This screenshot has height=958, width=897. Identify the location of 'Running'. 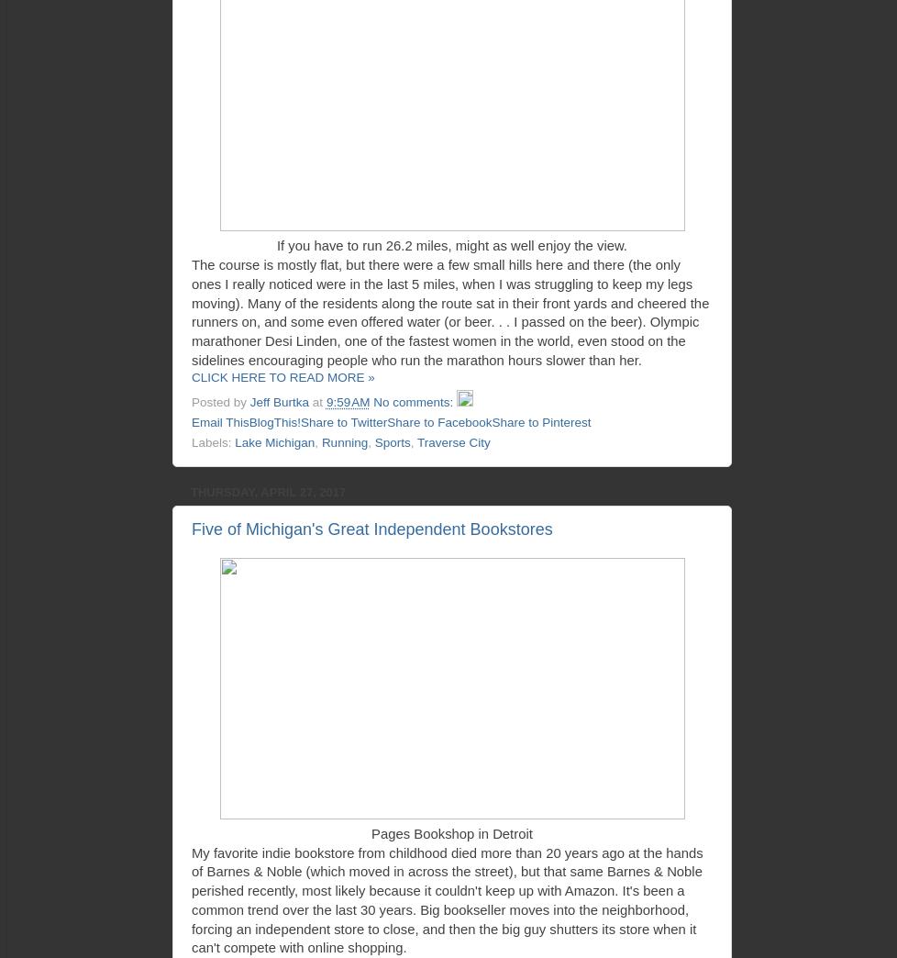
(343, 441).